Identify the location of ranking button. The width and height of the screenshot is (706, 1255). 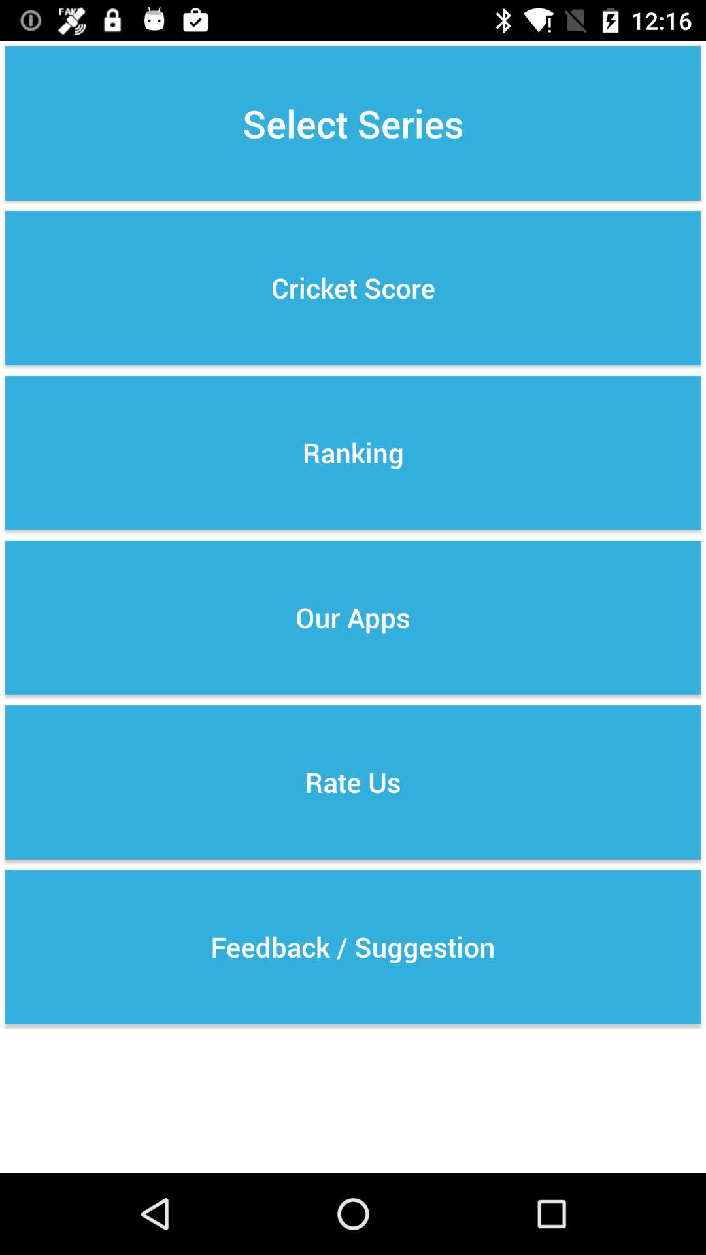
(353, 452).